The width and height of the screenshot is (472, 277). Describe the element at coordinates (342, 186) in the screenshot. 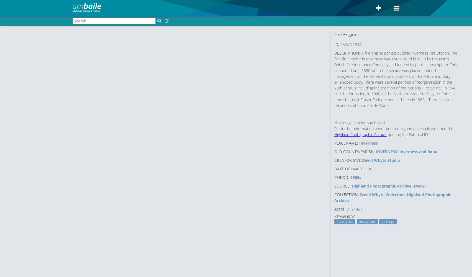

I see `'SOURCE:'` at that location.